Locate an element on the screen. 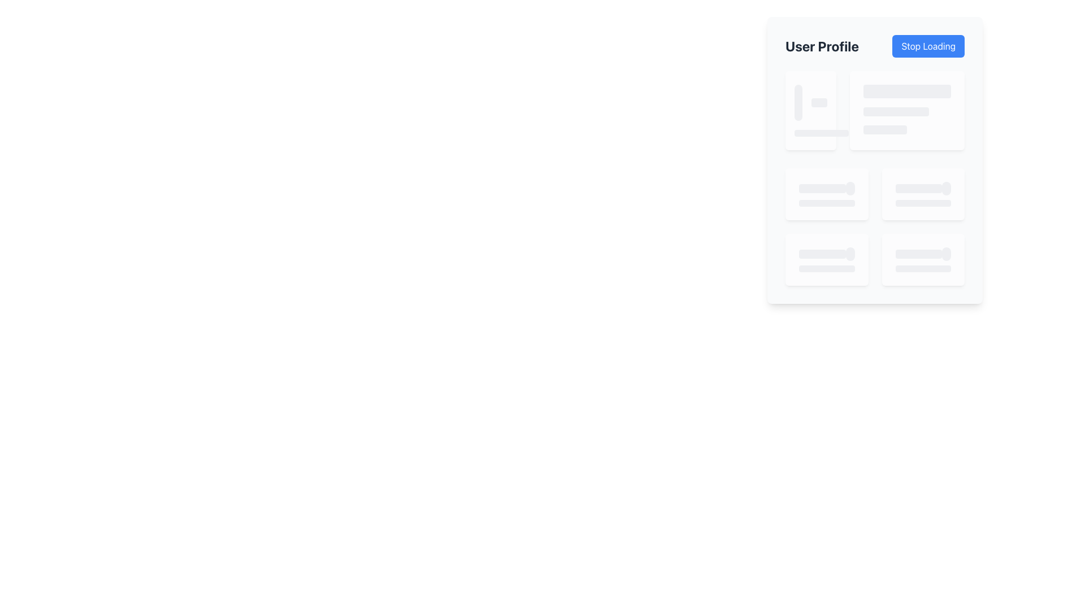 This screenshot has width=1085, height=610. the slider value is located at coordinates (847, 254).